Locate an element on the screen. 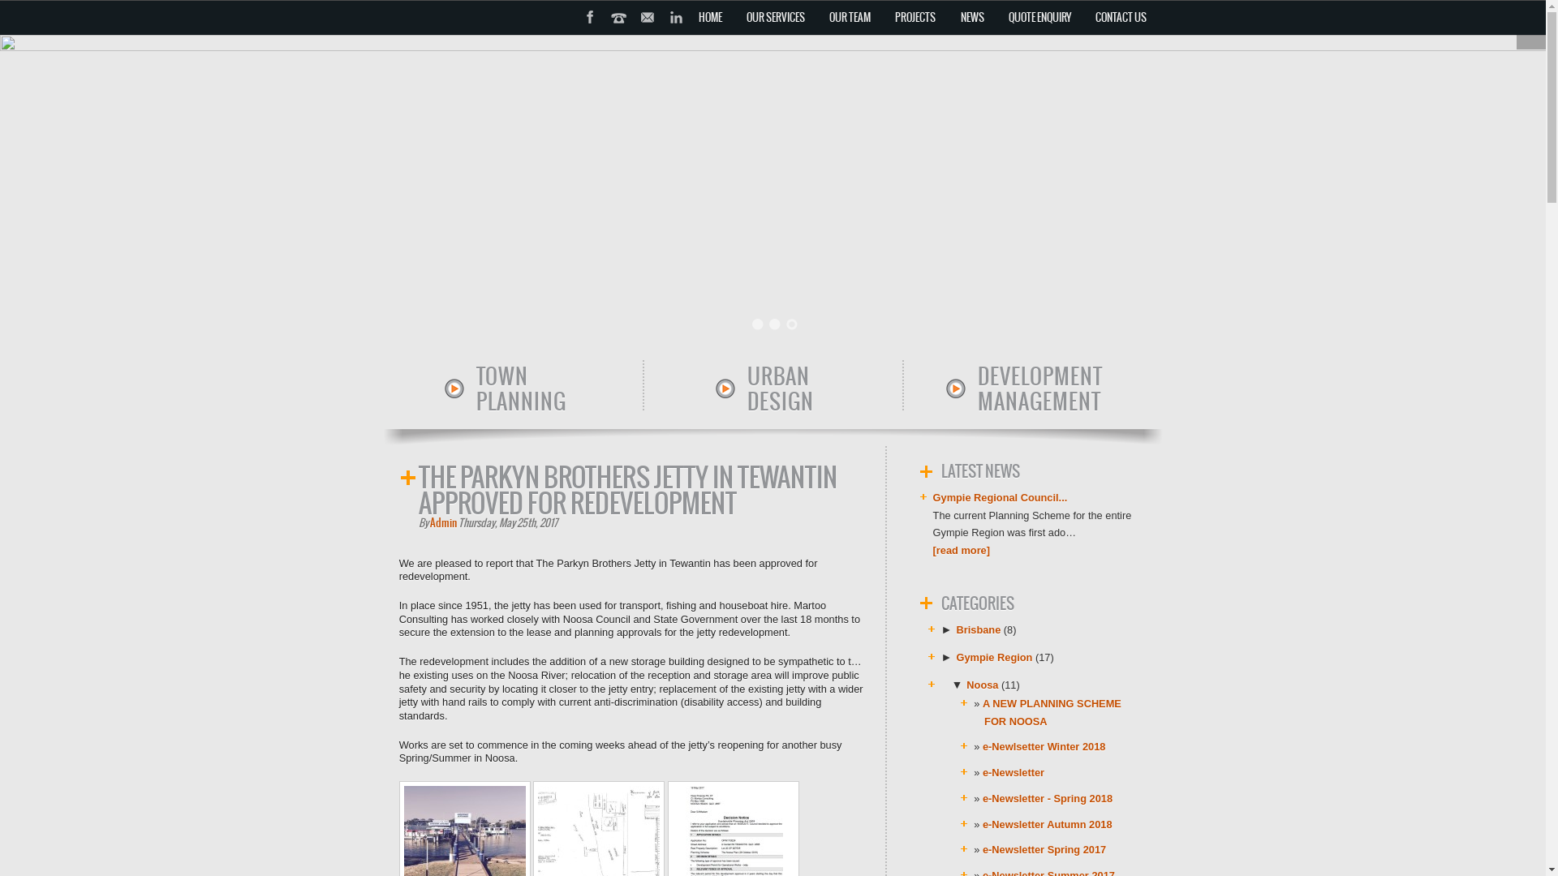 This screenshot has height=876, width=1558. 'PROJECTS' is located at coordinates (915, 18).